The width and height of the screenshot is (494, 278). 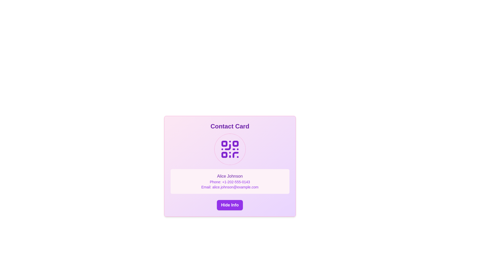 What do you see at coordinates (235, 154) in the screenshot?
I see `the decorative vector graphic segment located at the bottom-right corner of the QR code representation` at bounding box center [235, 154].